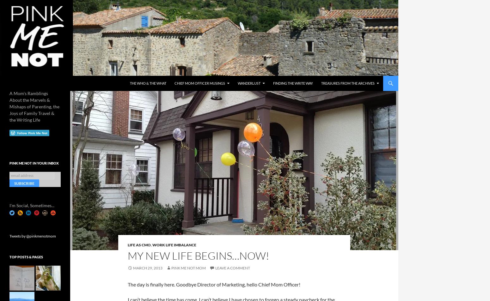 The height and width of the screenshot is (301, 490). Describe the element at coordinates (32, 205) in the screenshot. I see `'I'm Social, Sometimes...'` at that location.